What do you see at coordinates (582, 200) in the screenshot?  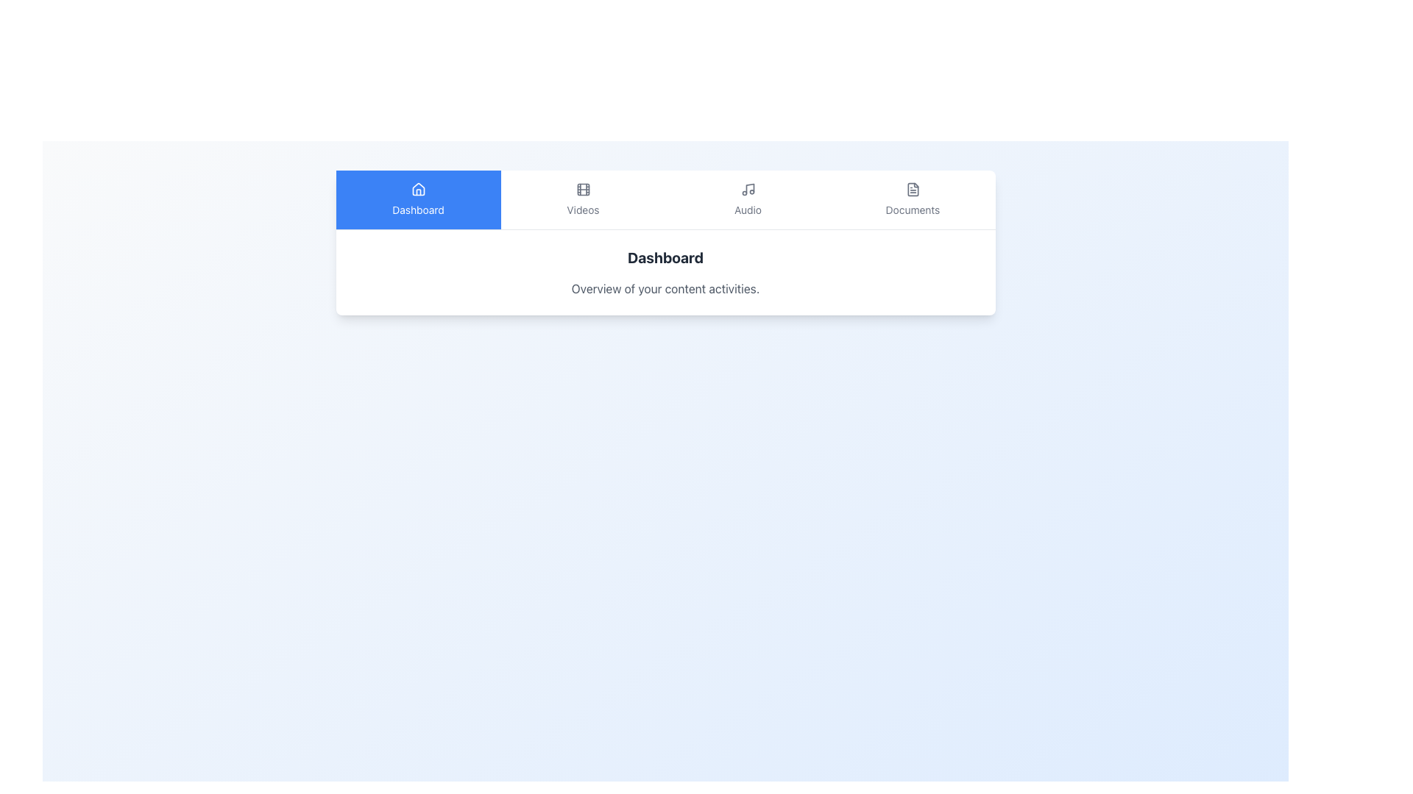 I see `the Navigation Tab that features a film strip icon and the text 'Videos'` at bounding box center [582, 200].